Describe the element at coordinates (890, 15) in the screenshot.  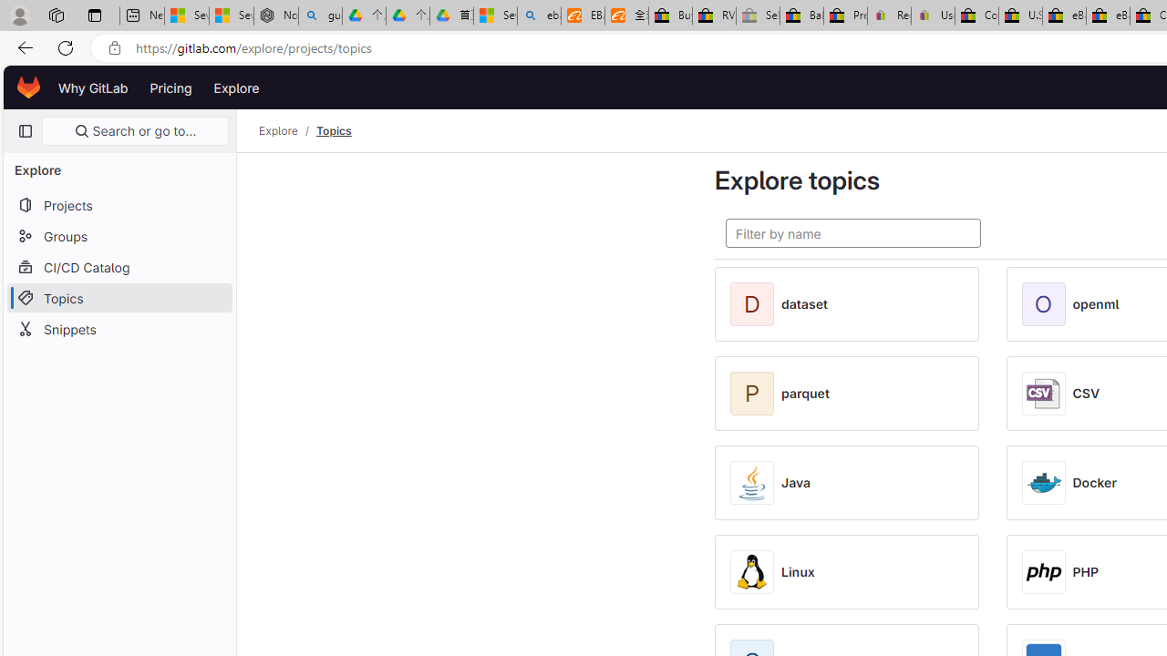
I see `'Register: Create a personal eBay account'` at that location.